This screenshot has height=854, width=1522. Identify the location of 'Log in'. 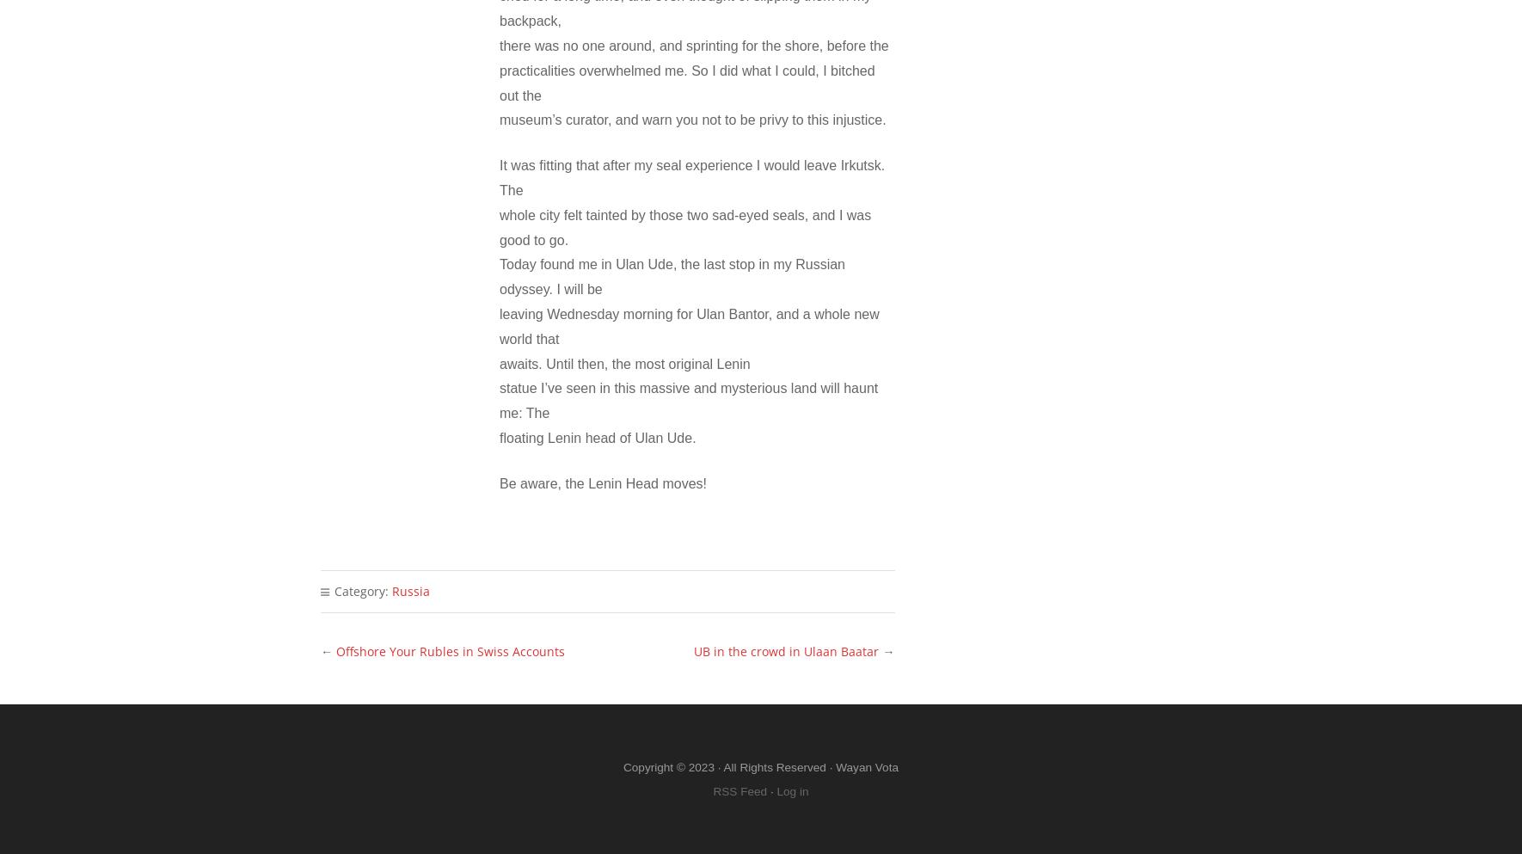
(776, 789).